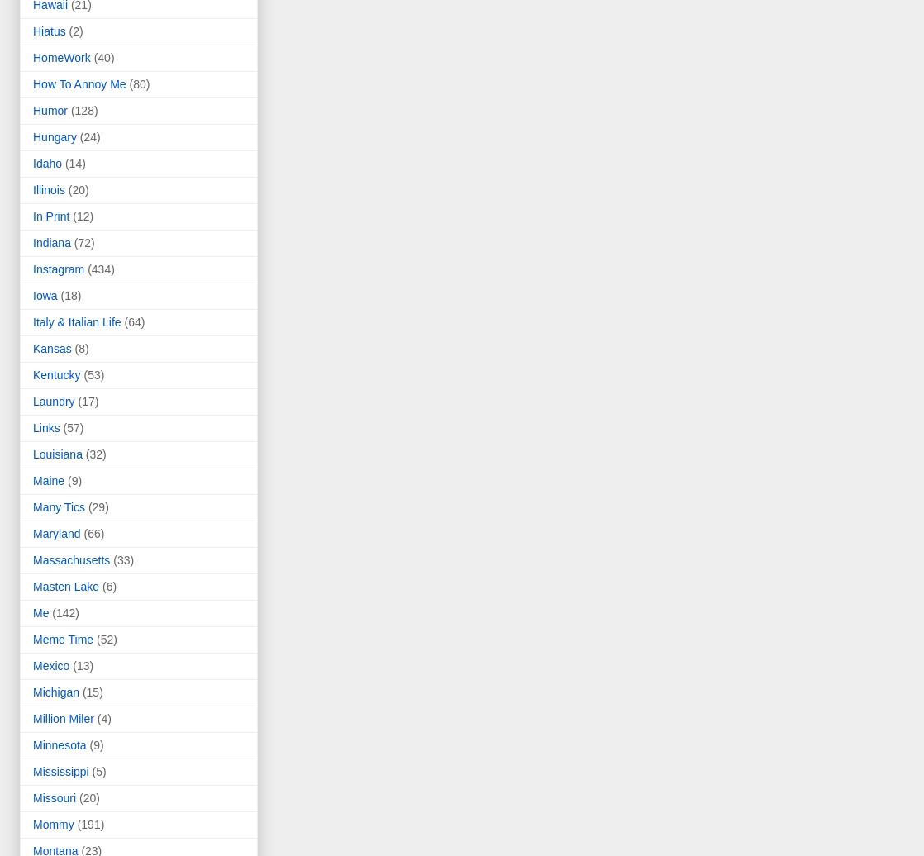 The width and height of the screenshot is (924, 856). Describe the element at coordinates (93, 374) in the screenshot. I see `'(53)'` at that location.